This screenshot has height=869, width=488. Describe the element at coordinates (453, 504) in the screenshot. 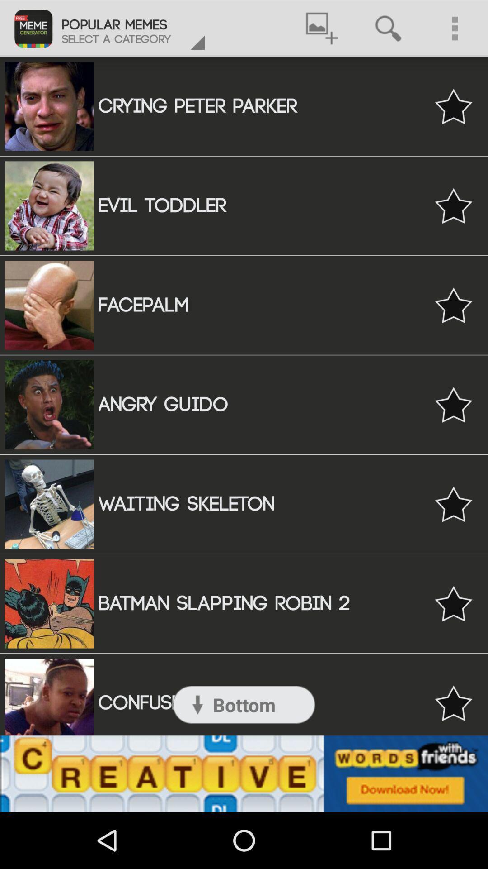

I see `this` at that location.